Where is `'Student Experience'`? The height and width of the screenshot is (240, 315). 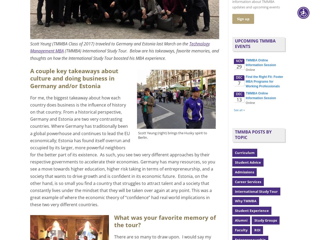 'Student Experience' is located at coordinates (252, 210).